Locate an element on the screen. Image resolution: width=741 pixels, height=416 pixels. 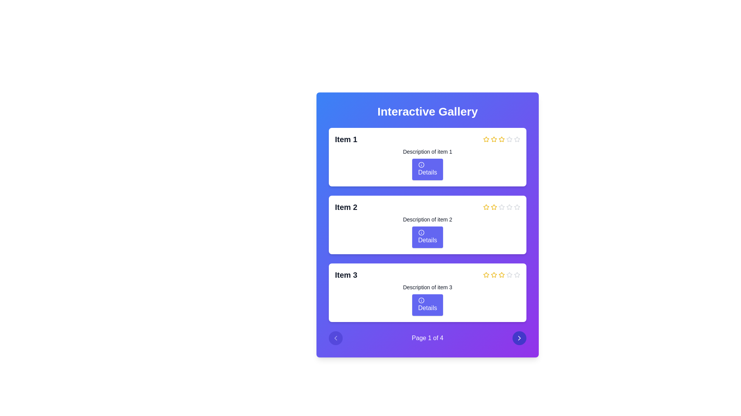
the chevron-arrow icon located at the bottom-right corner of the interface is located at coordinates (519, 338).